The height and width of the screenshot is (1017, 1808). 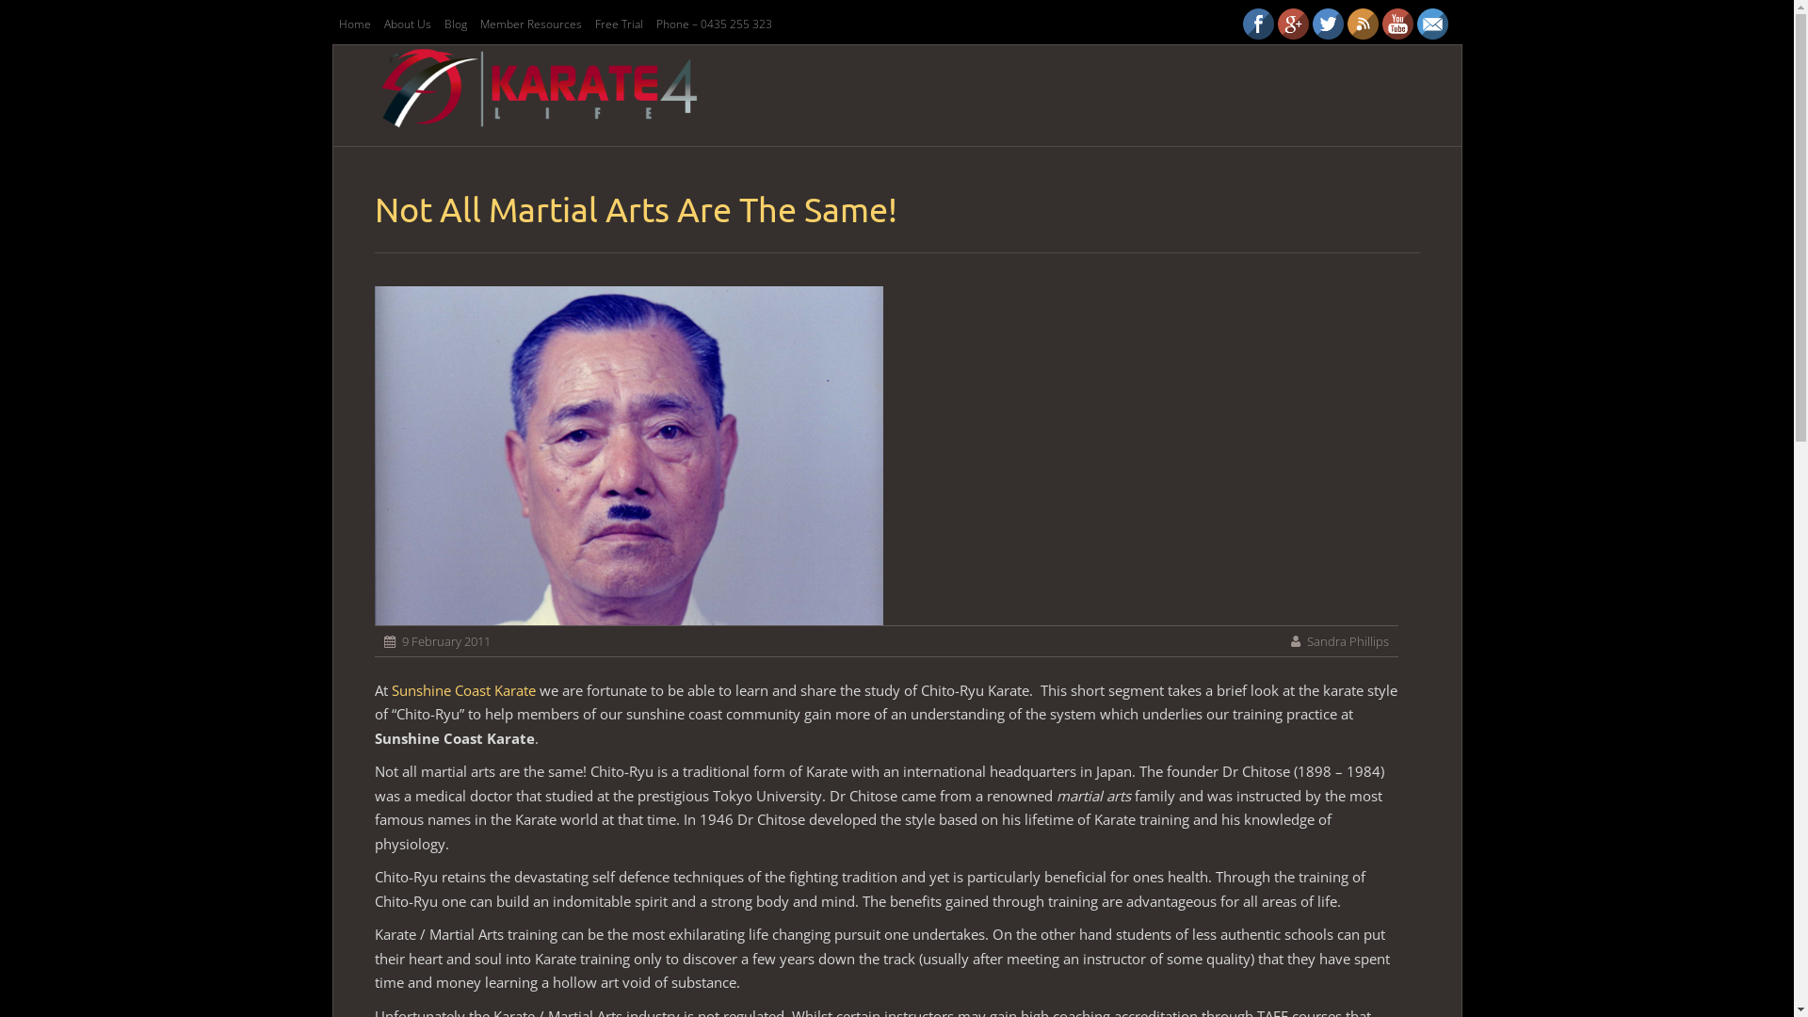 What do you see at coordinates (1291, 24) in the screenshot?
I see `'Google Plus'` at bounding box center [1291, 24].